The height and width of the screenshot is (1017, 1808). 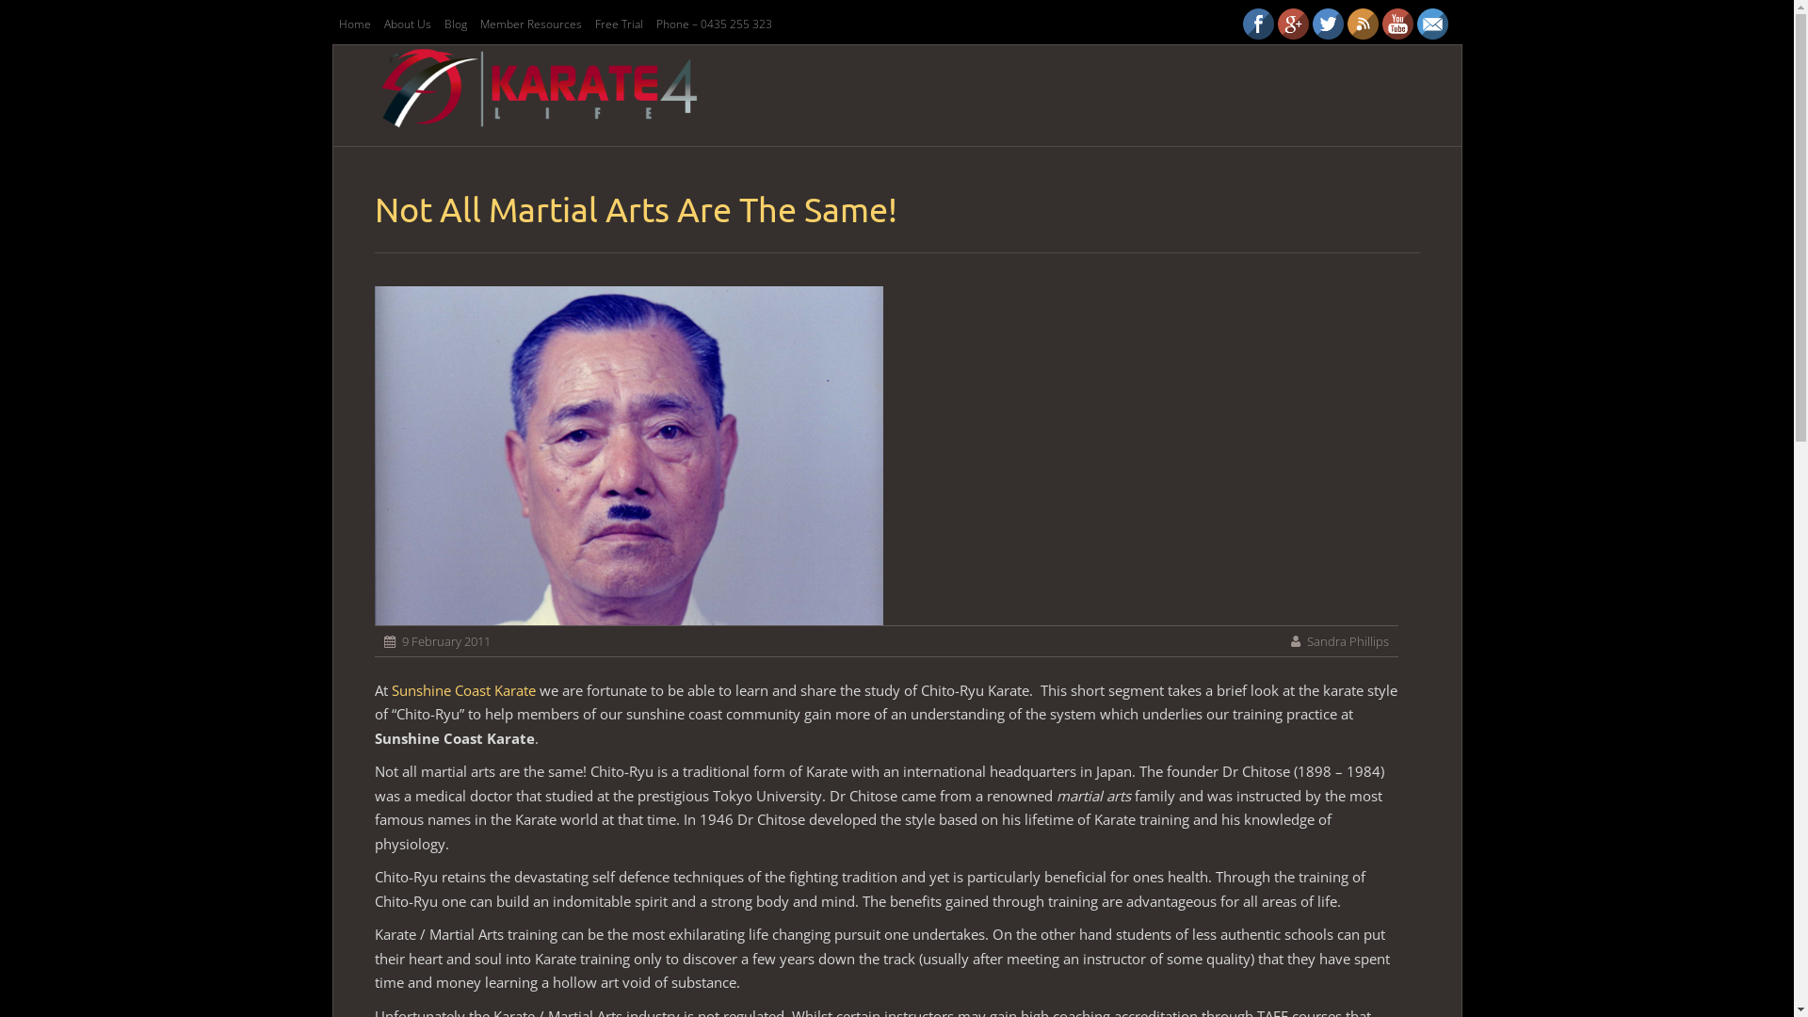 What do you see at coordinates (1291, 24) in the screenshot?
I see `'Google Plus'` at bounding box center [1291, 24].